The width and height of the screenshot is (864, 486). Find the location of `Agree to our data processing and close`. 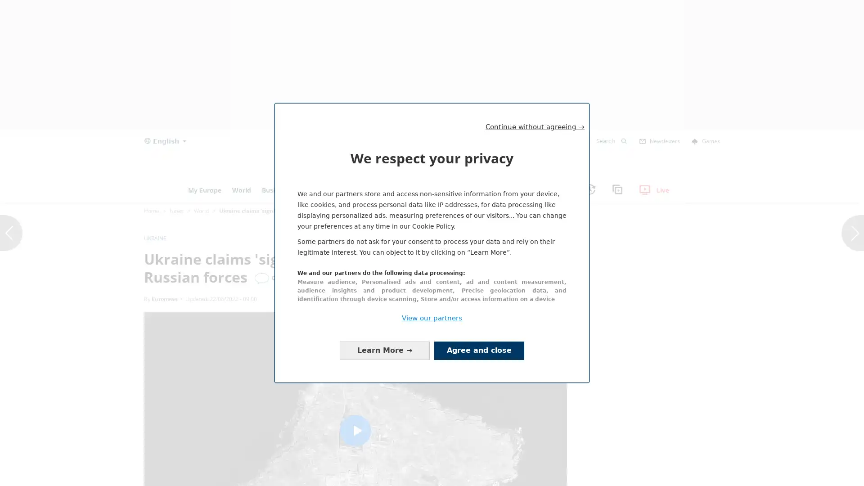

Agree to our data processing and close is located at coordinates (479, 350).